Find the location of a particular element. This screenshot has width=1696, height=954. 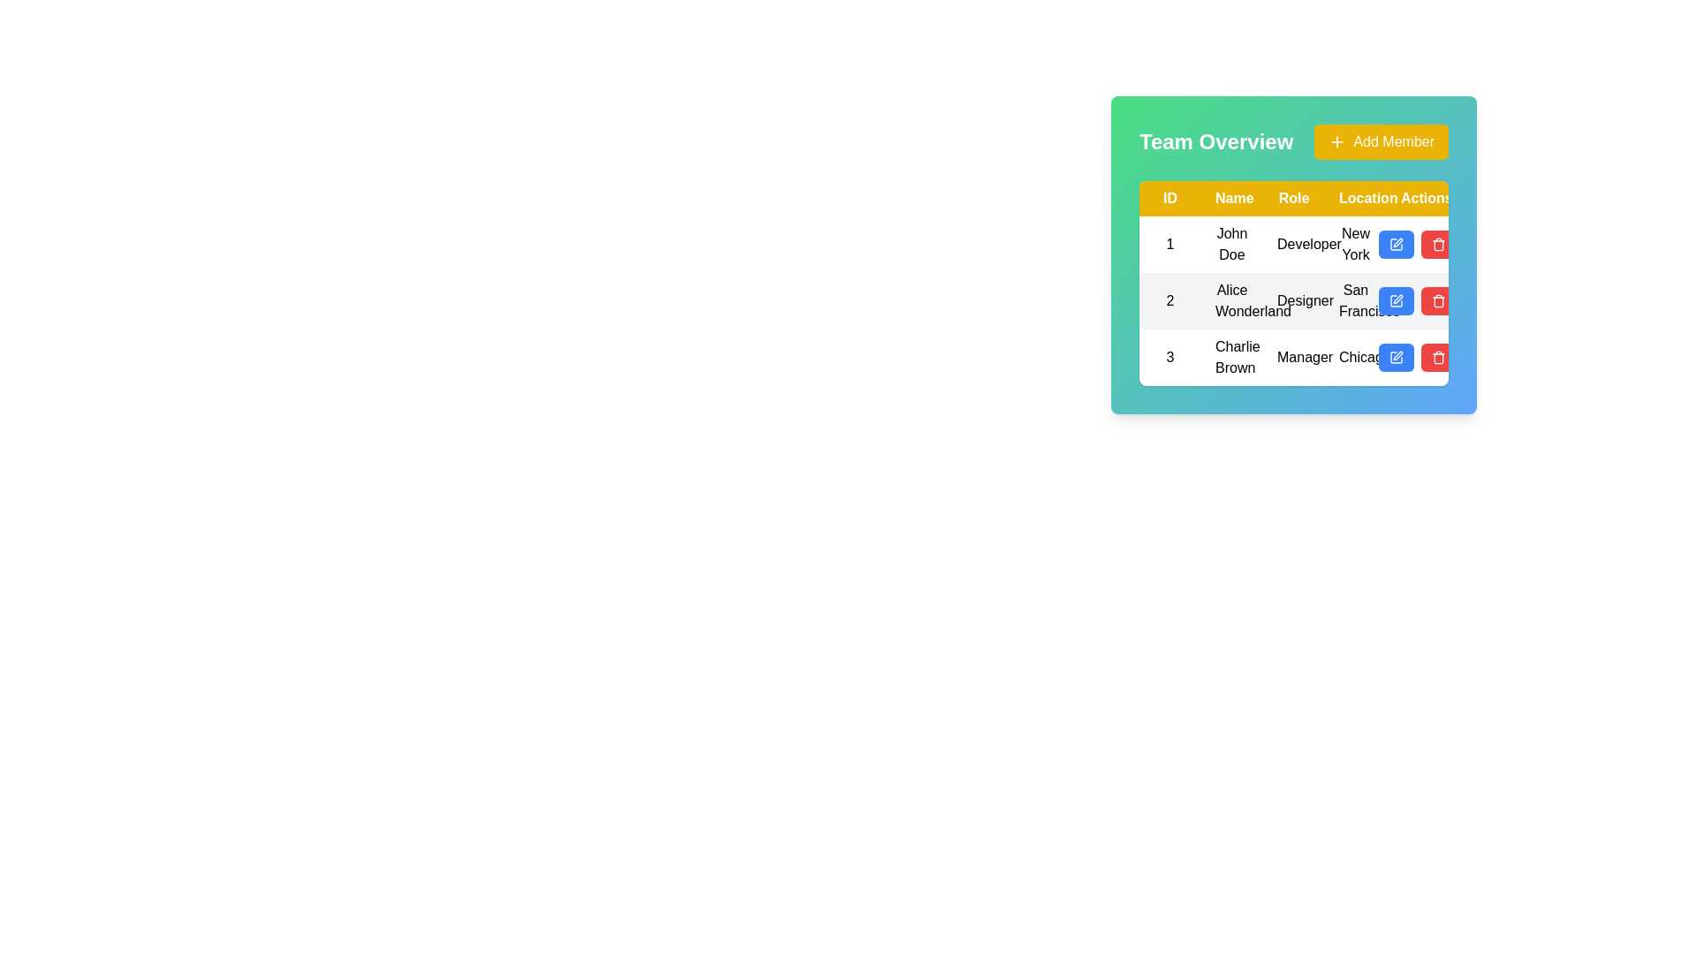

the edit button located in the Action column of the second row in the 'Team Overview' table is located at coordinates (1395, 299).